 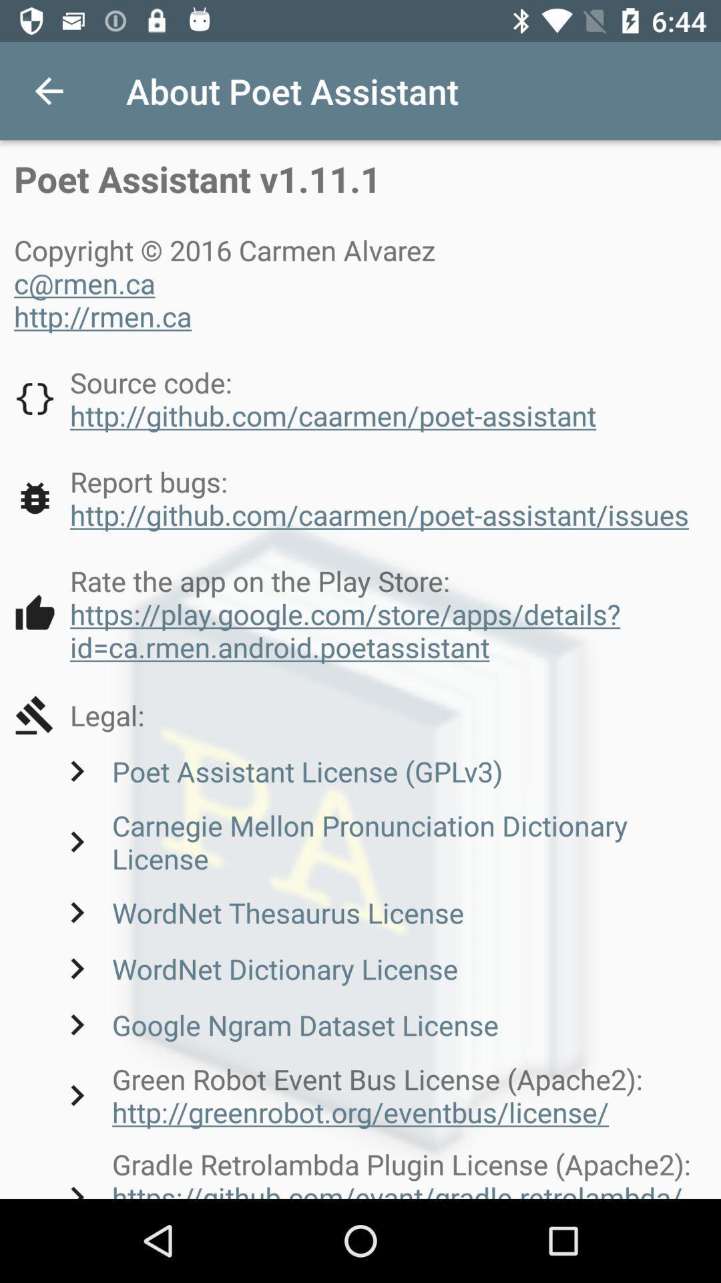 What do you see at coordinates (381, 1095) in the screenshot?
I see `the text which is below google ngram dataset licence` at bounding box center [381, 1095].